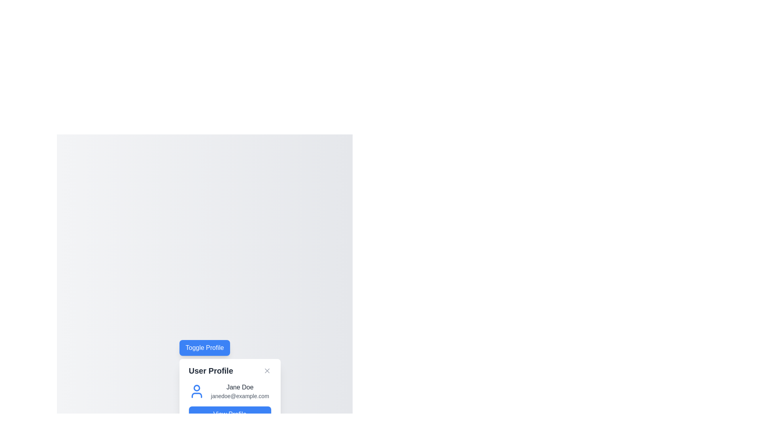 This screenshot has width=759, height=427. What do you see at coordinates (267, 370) in the screenshot?
I see `the close button located at the top-right corner of the card` at bounding box center [267, 370].